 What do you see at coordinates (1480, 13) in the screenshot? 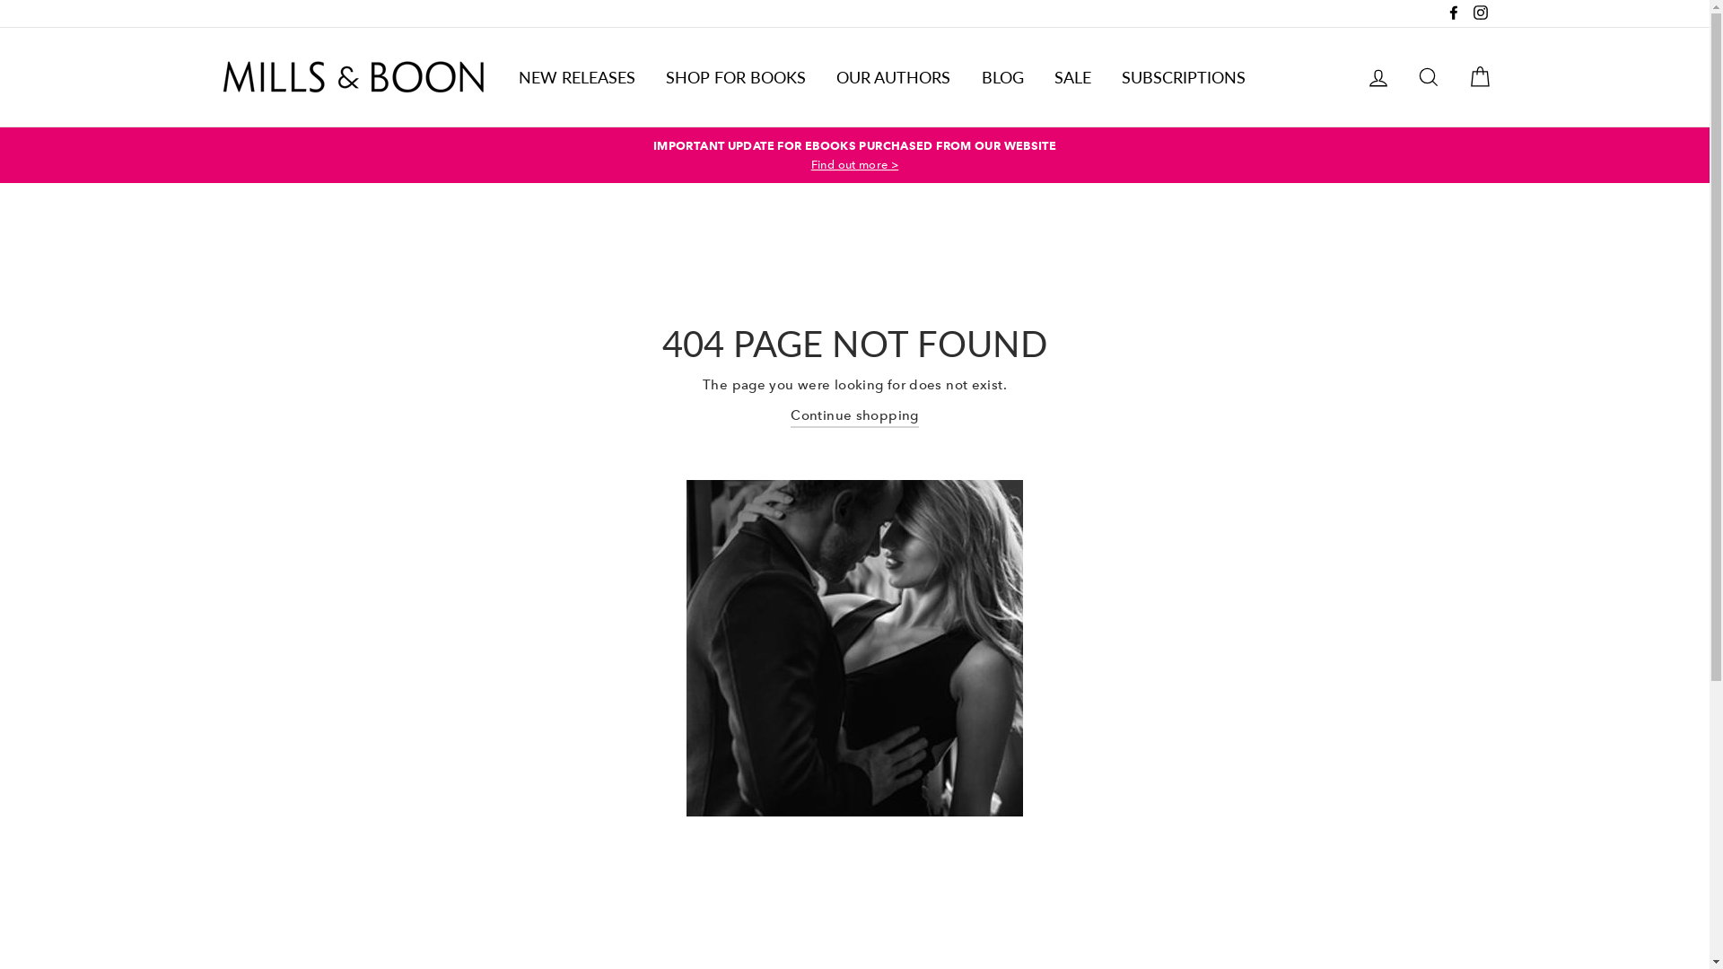
I see `'Instagram'` at bounding box center [1480, 13].